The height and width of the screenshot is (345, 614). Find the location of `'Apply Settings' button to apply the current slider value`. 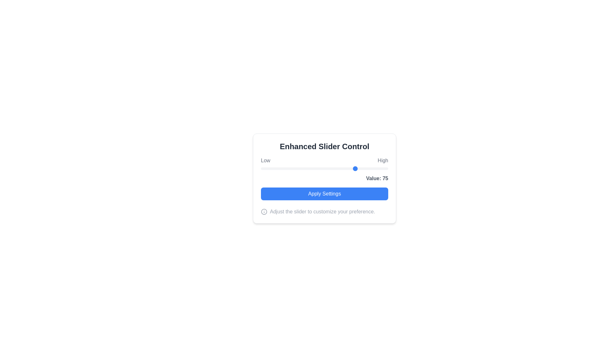

'Apply Settings' button to apply the current slider value is located at coordinates (324, 193).